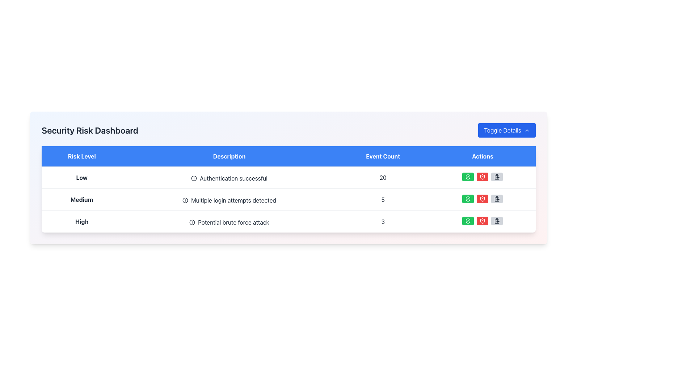 This screenshot has width=695, height=390. I want to click on the shield icon inside the green button in the 'Actions' column of the second row, which signifies a confirmation action for the 'Medium' risk level event, so click(468, 199).